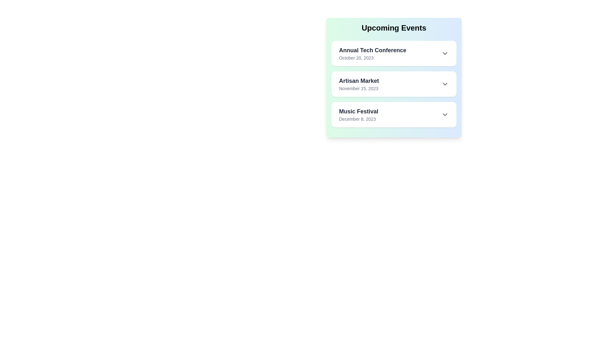  Describe the element at coordinates (444, 114) in the screenshot. I see `the downward-facing chevron toggle icon, which is styled in gray and located beside the text 'December 8, 2023' under the 'Upcoming Events' header` at that location.